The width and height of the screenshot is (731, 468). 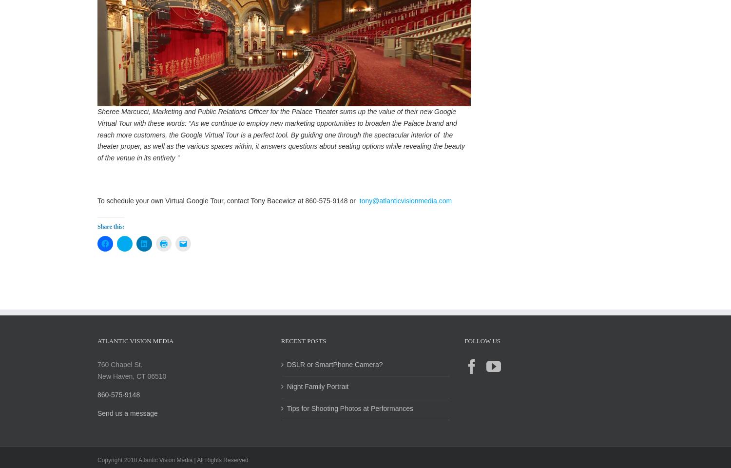 I want to click on 'Atlantic Vision Media', so click(x=135, y=351).